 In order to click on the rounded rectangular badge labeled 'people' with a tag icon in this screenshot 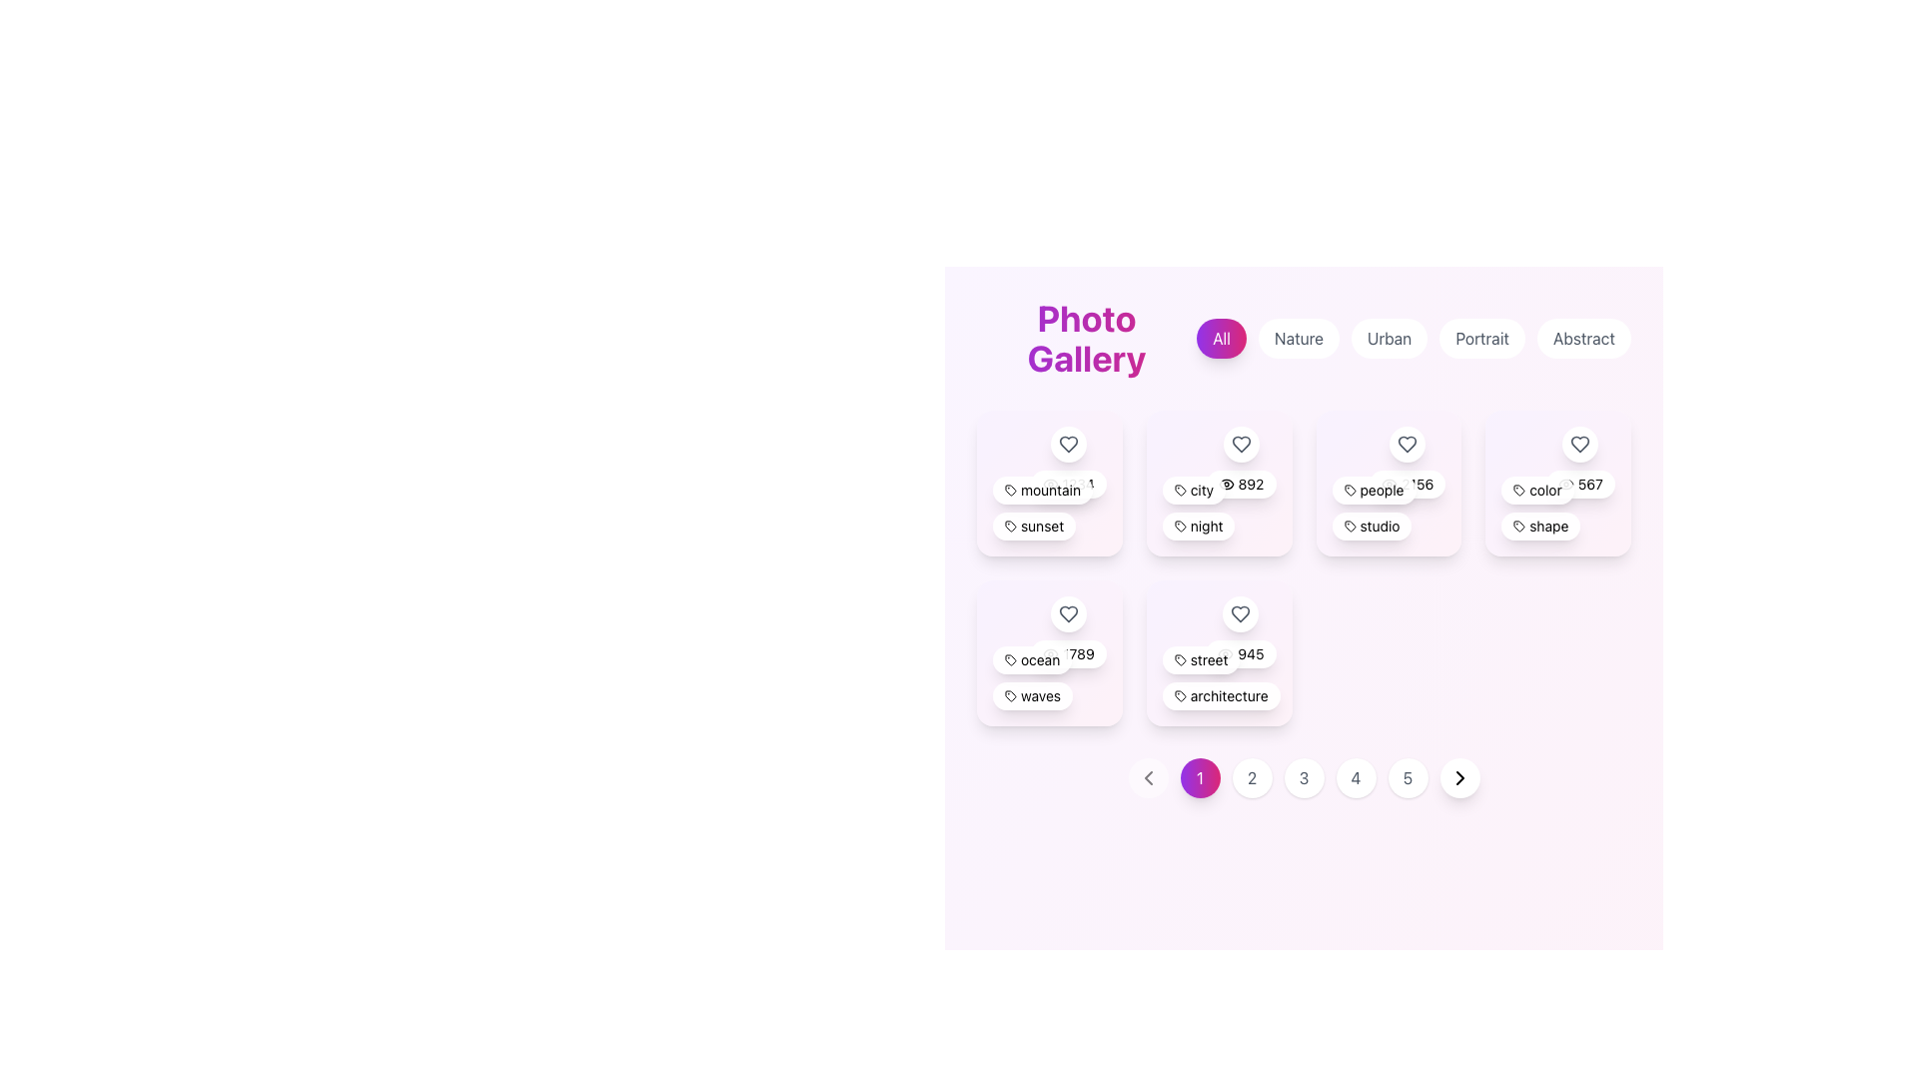, I will do `click(1373, 490)`.